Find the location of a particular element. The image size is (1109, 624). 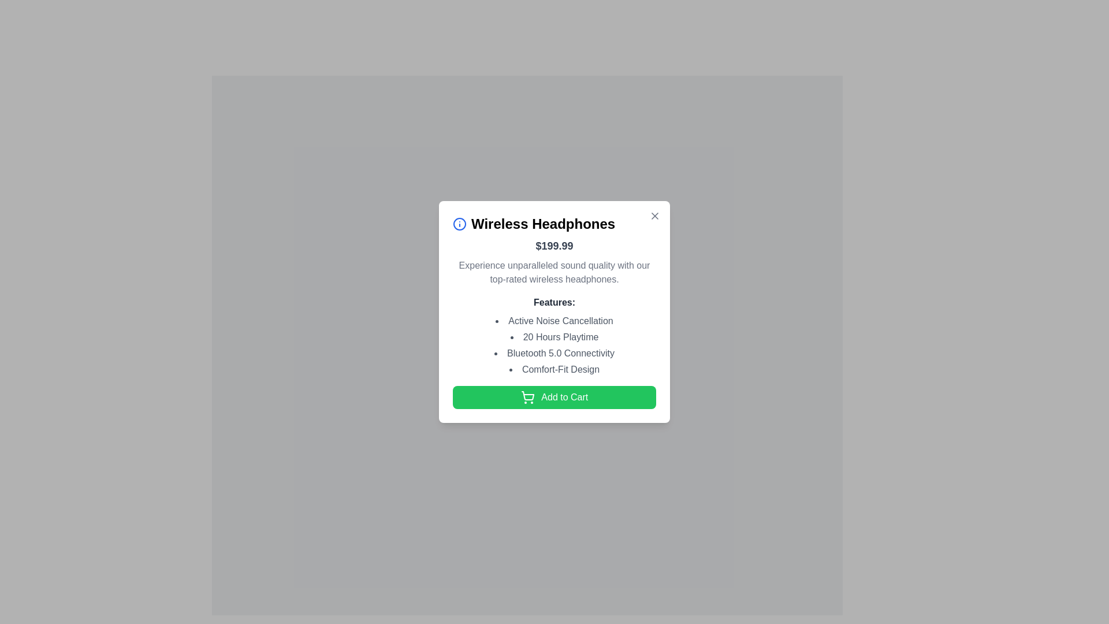

descriptive text displayed below the price tag '$199.99' in the product information card is located at coordinates (554, 272).